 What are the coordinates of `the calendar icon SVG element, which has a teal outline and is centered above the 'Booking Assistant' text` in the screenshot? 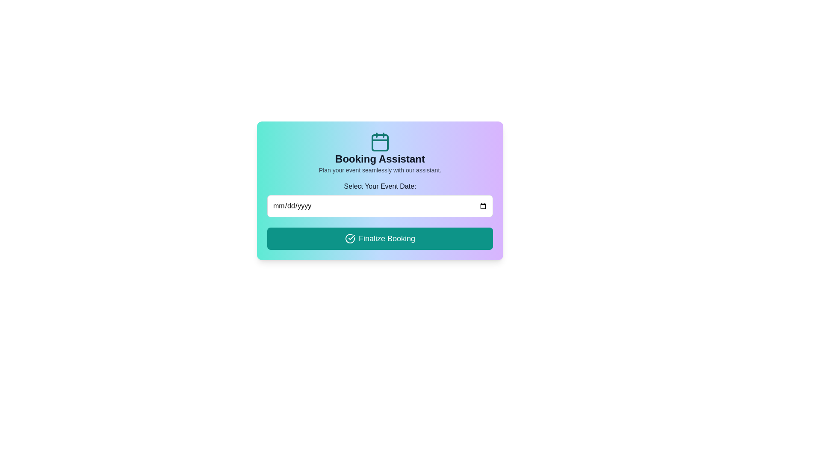 It's located at (379, 141).